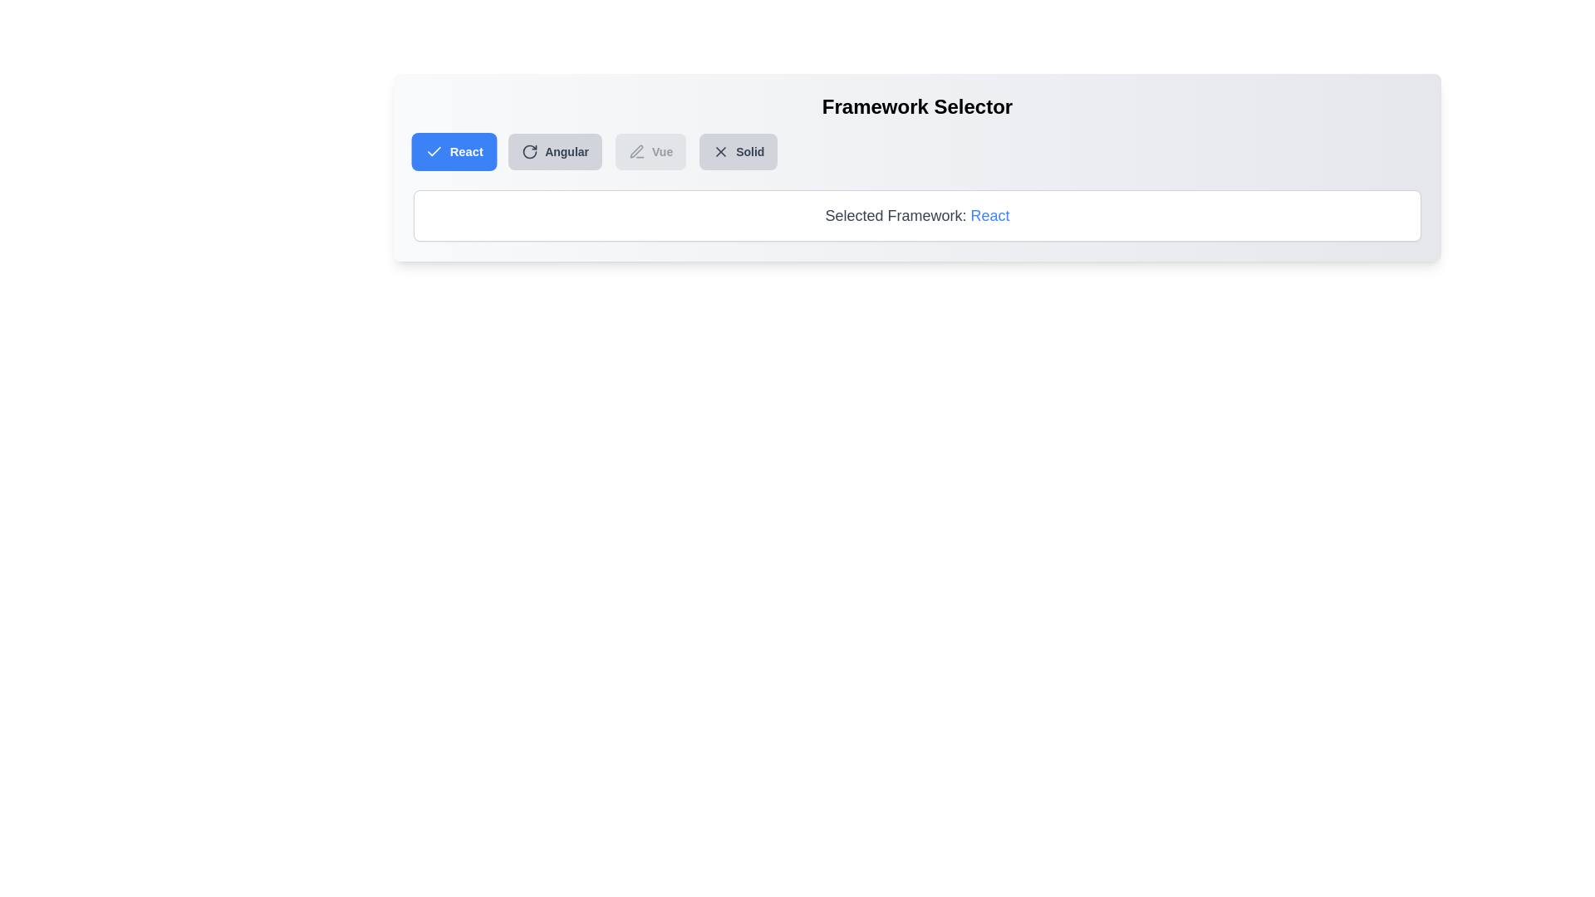 The width and height of the screenshot is (1595, 897). Describe the element at coordinates (650, 151) in the screenshot. I see `the disabled button for selecting the 'Vue' framework, which is located between the 'Angular' and 'Solid' buttons` at that location.